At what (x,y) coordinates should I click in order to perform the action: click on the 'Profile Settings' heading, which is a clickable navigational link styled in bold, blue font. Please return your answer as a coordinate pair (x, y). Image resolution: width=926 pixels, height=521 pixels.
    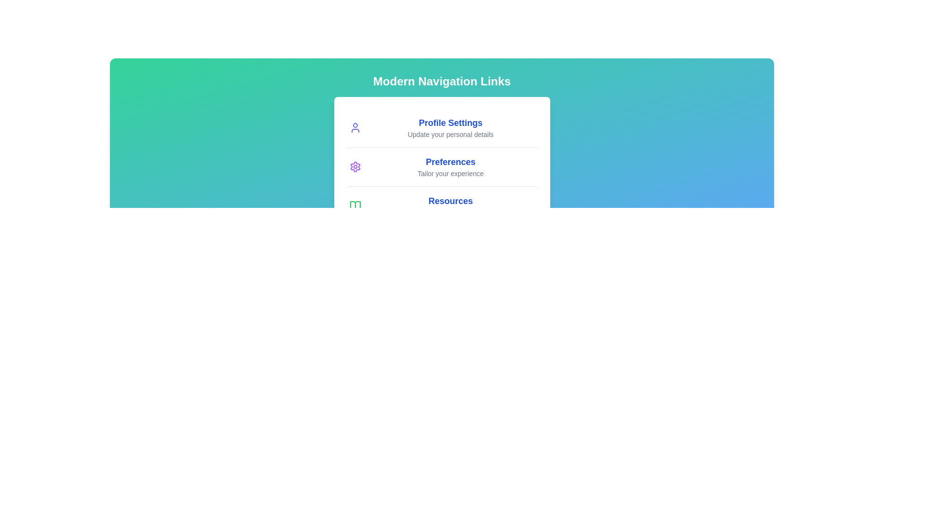
    Looking at the image, I should click on (450, 127).